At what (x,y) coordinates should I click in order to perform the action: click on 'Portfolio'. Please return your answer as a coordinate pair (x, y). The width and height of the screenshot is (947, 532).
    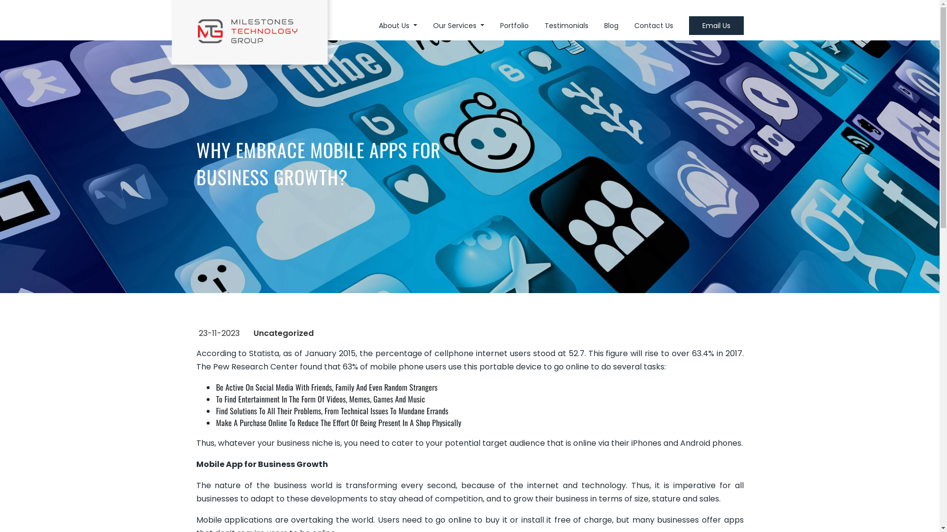
    Looking at the image, I should click on (513, 25).